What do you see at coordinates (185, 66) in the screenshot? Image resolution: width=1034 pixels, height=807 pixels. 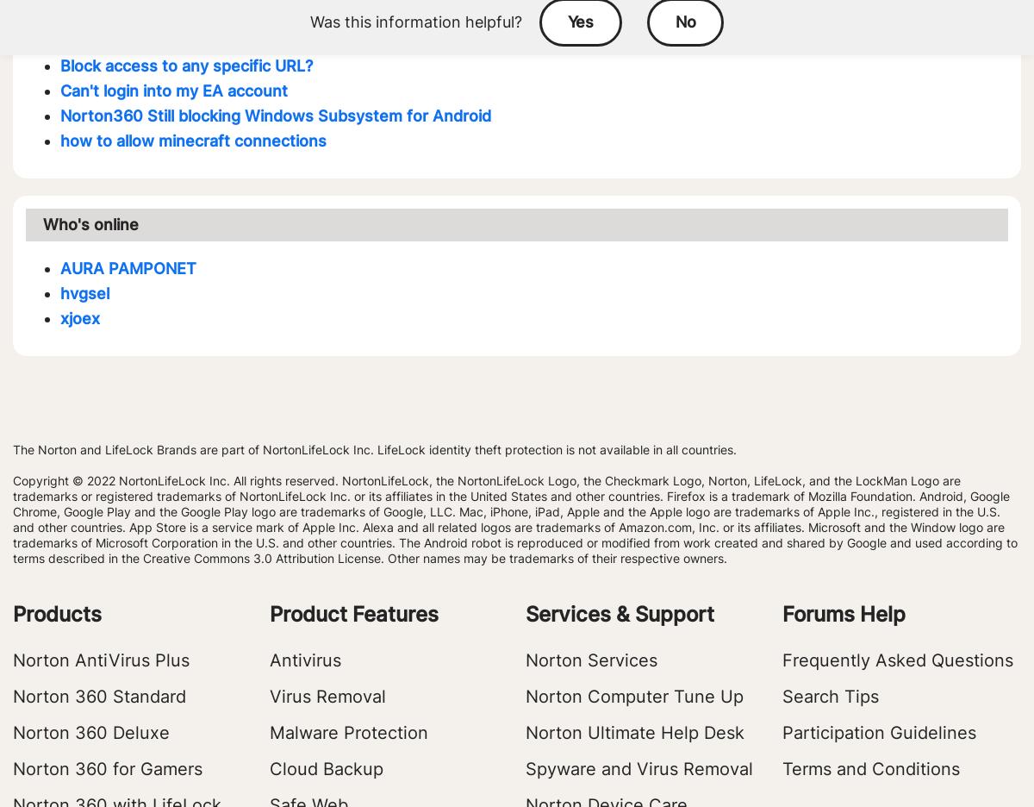 I see `'Block access to any specific URL?'` at bounding box center [185, 66].